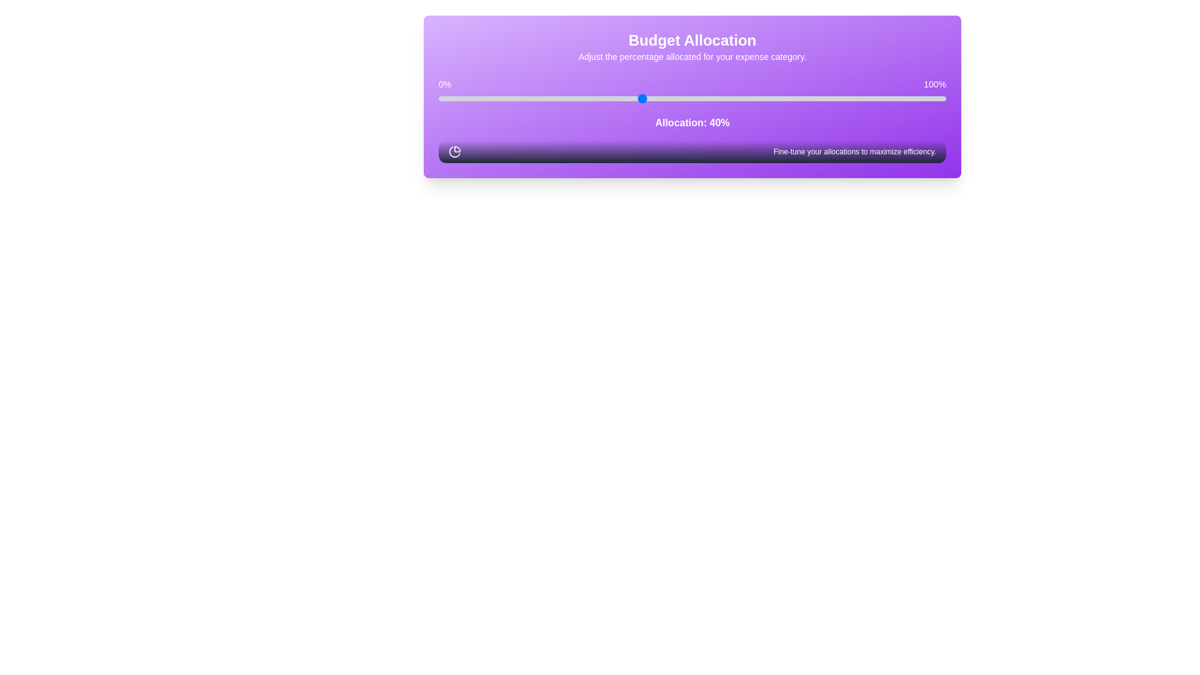 This screenshot has height=675, width=1200. I want to click on the decorative icon located at the bottom-left of the purple background section, which serves as a visual cue for pie chart-related data, so click(454, 151).